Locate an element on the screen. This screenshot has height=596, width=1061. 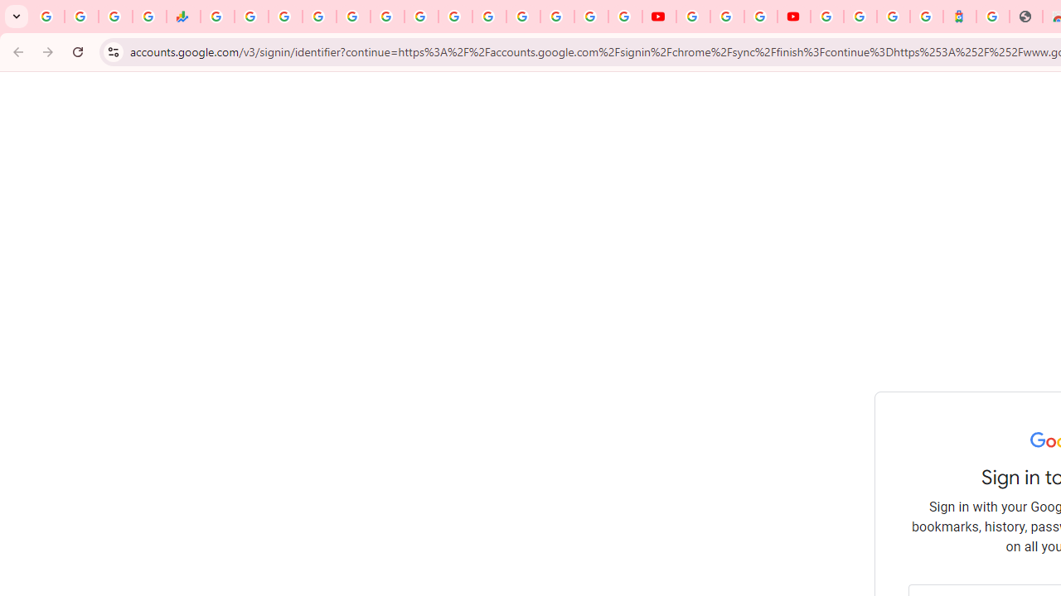
'Google Workspace Admin Community' is located at coordinates (47, 17).